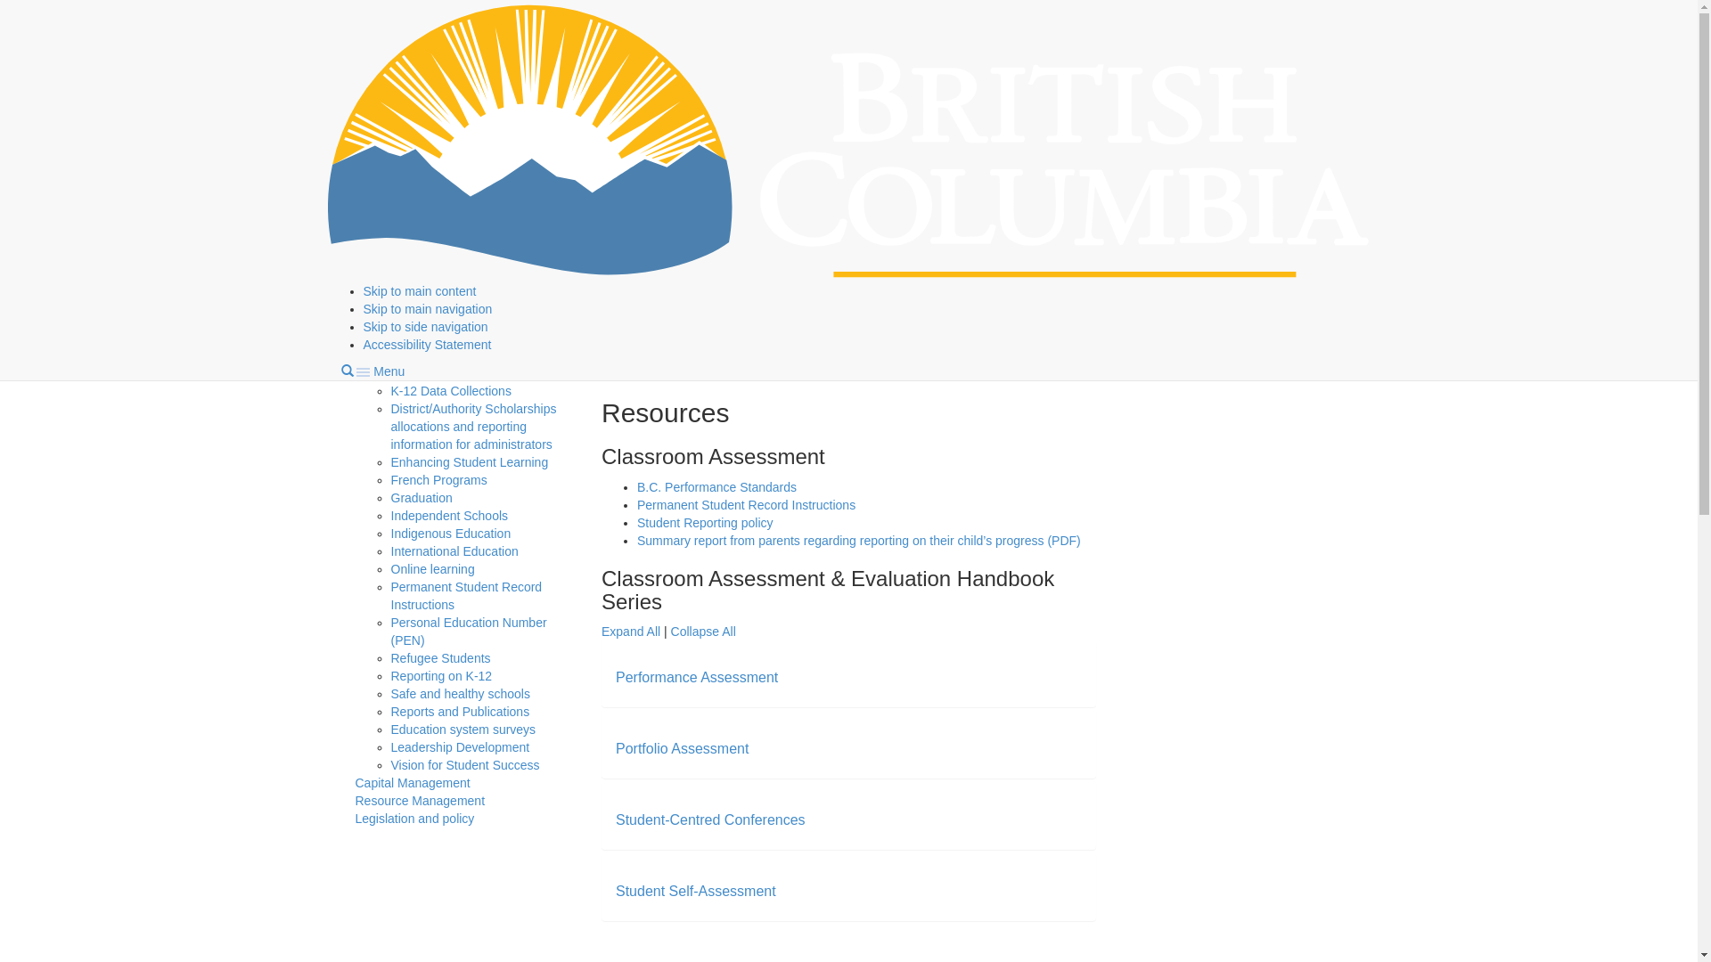 Image resolution: width=1711 pixels, height=962 pixels. I want to click on 'Reporting on K-12', so click(440, 676).